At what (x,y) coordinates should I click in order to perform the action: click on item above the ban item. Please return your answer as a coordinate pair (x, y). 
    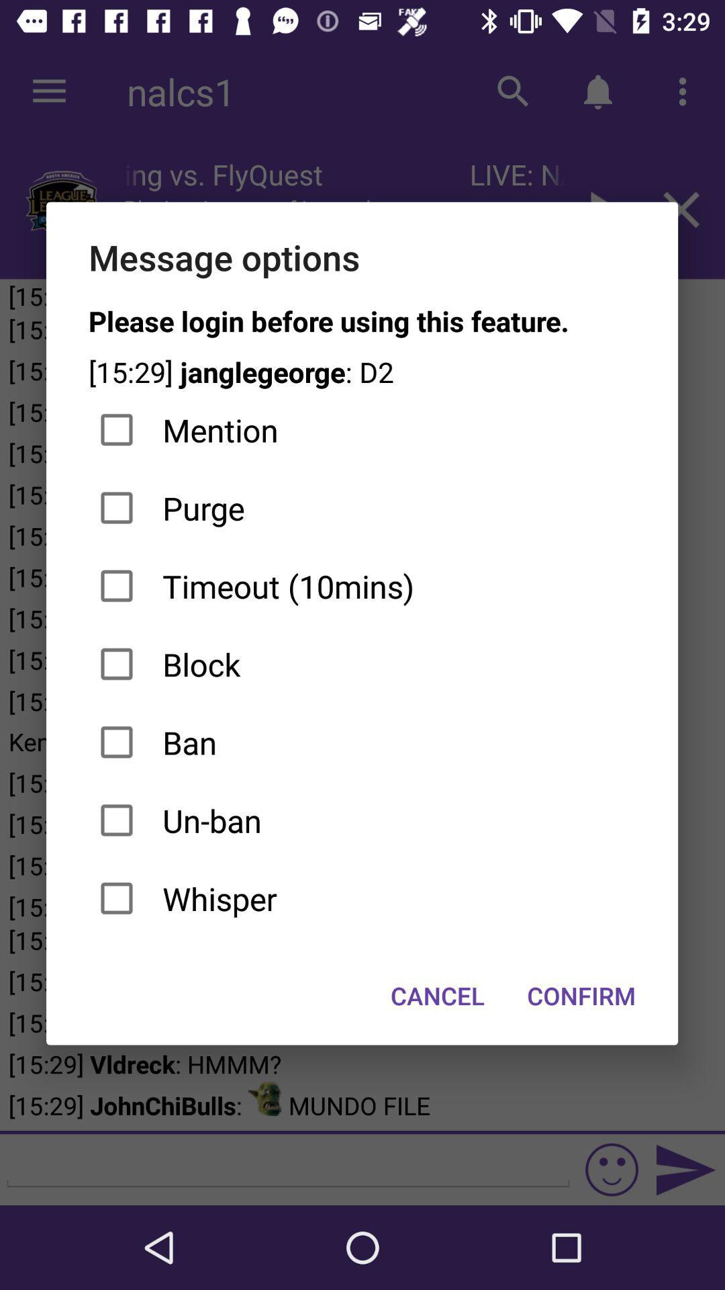
    Looking at the image, I should click on (361, 664).